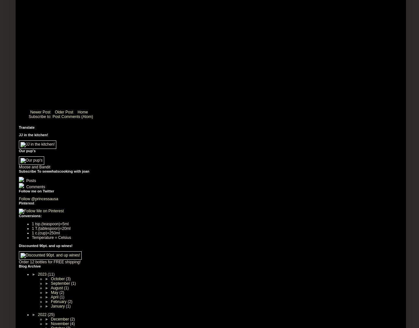  Describe the element at coordinates (61, 283) in the screenshot. I see `'September'` at that location.